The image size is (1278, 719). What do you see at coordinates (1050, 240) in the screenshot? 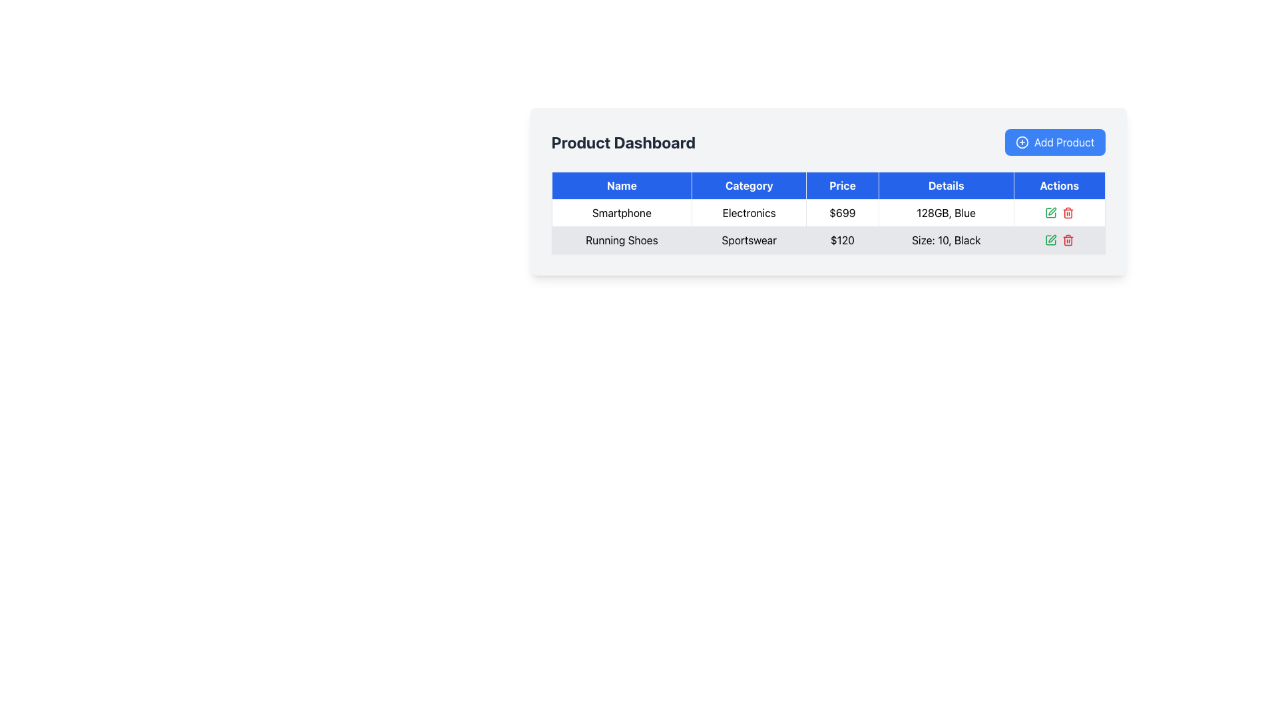
I see `the edit icon button located in the second row of the actions column` at bounding box center [1050, 240].